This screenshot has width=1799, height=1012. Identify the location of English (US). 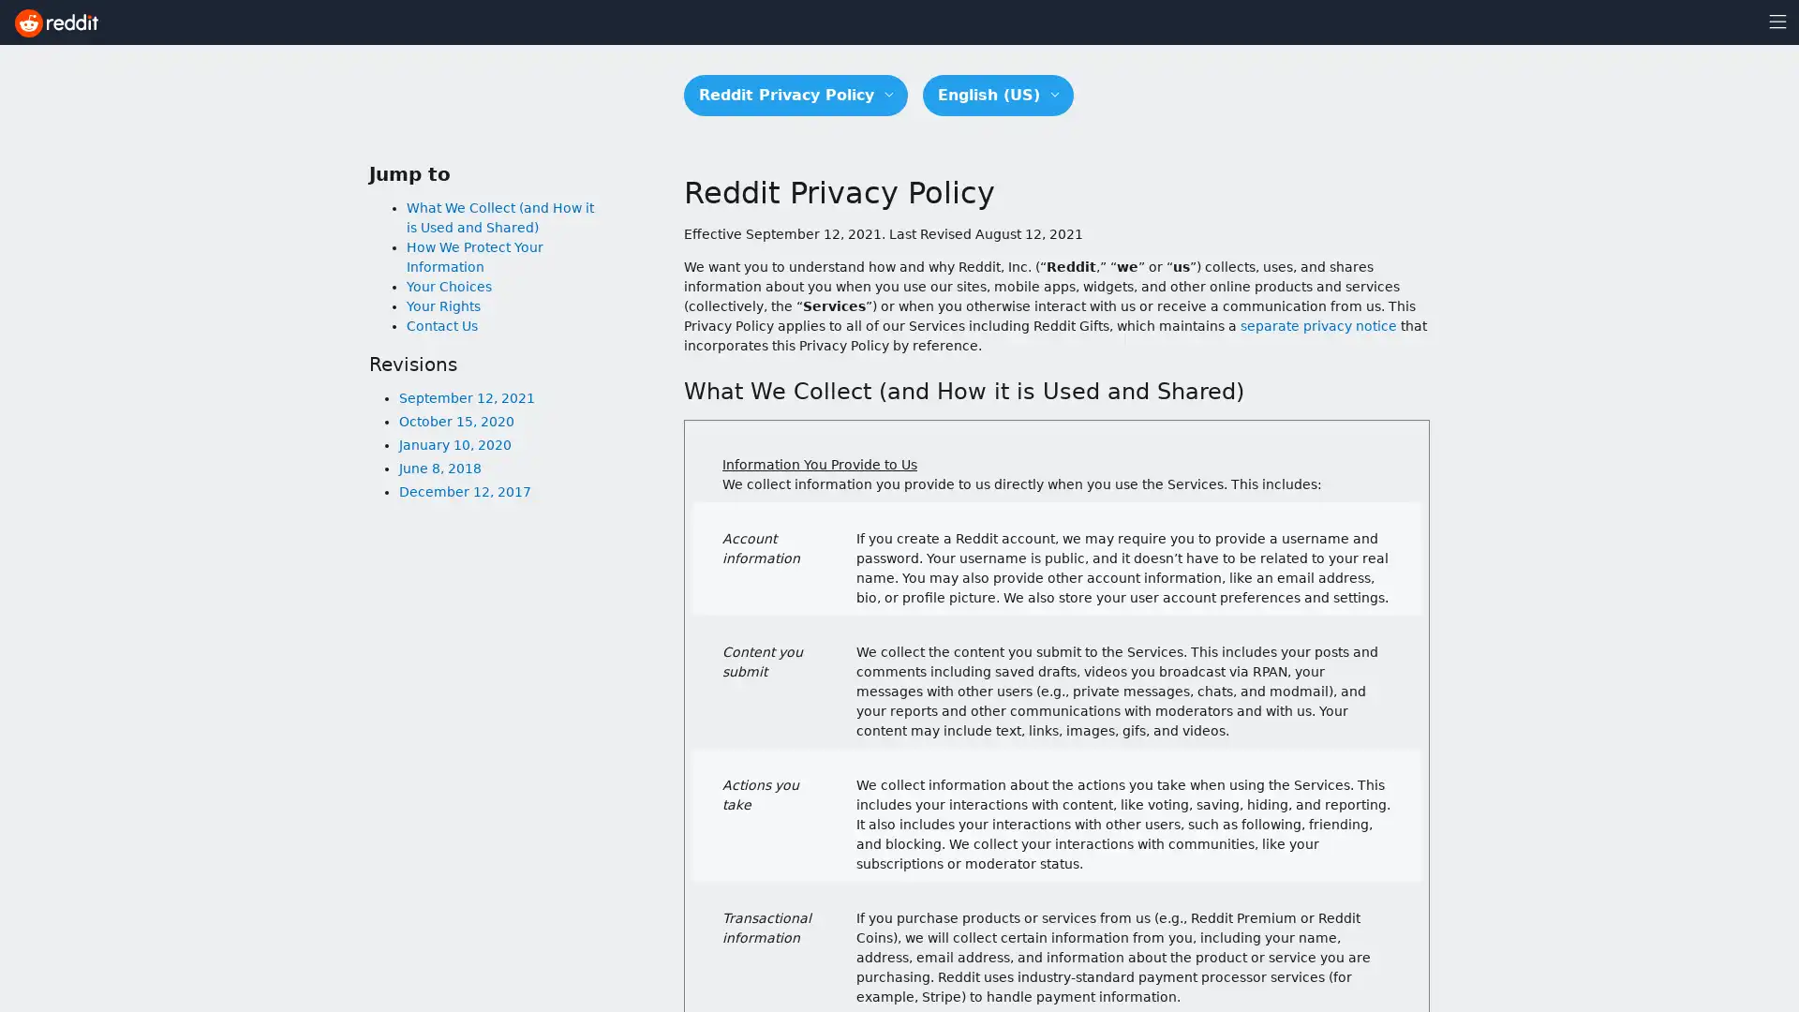
(997, 95).